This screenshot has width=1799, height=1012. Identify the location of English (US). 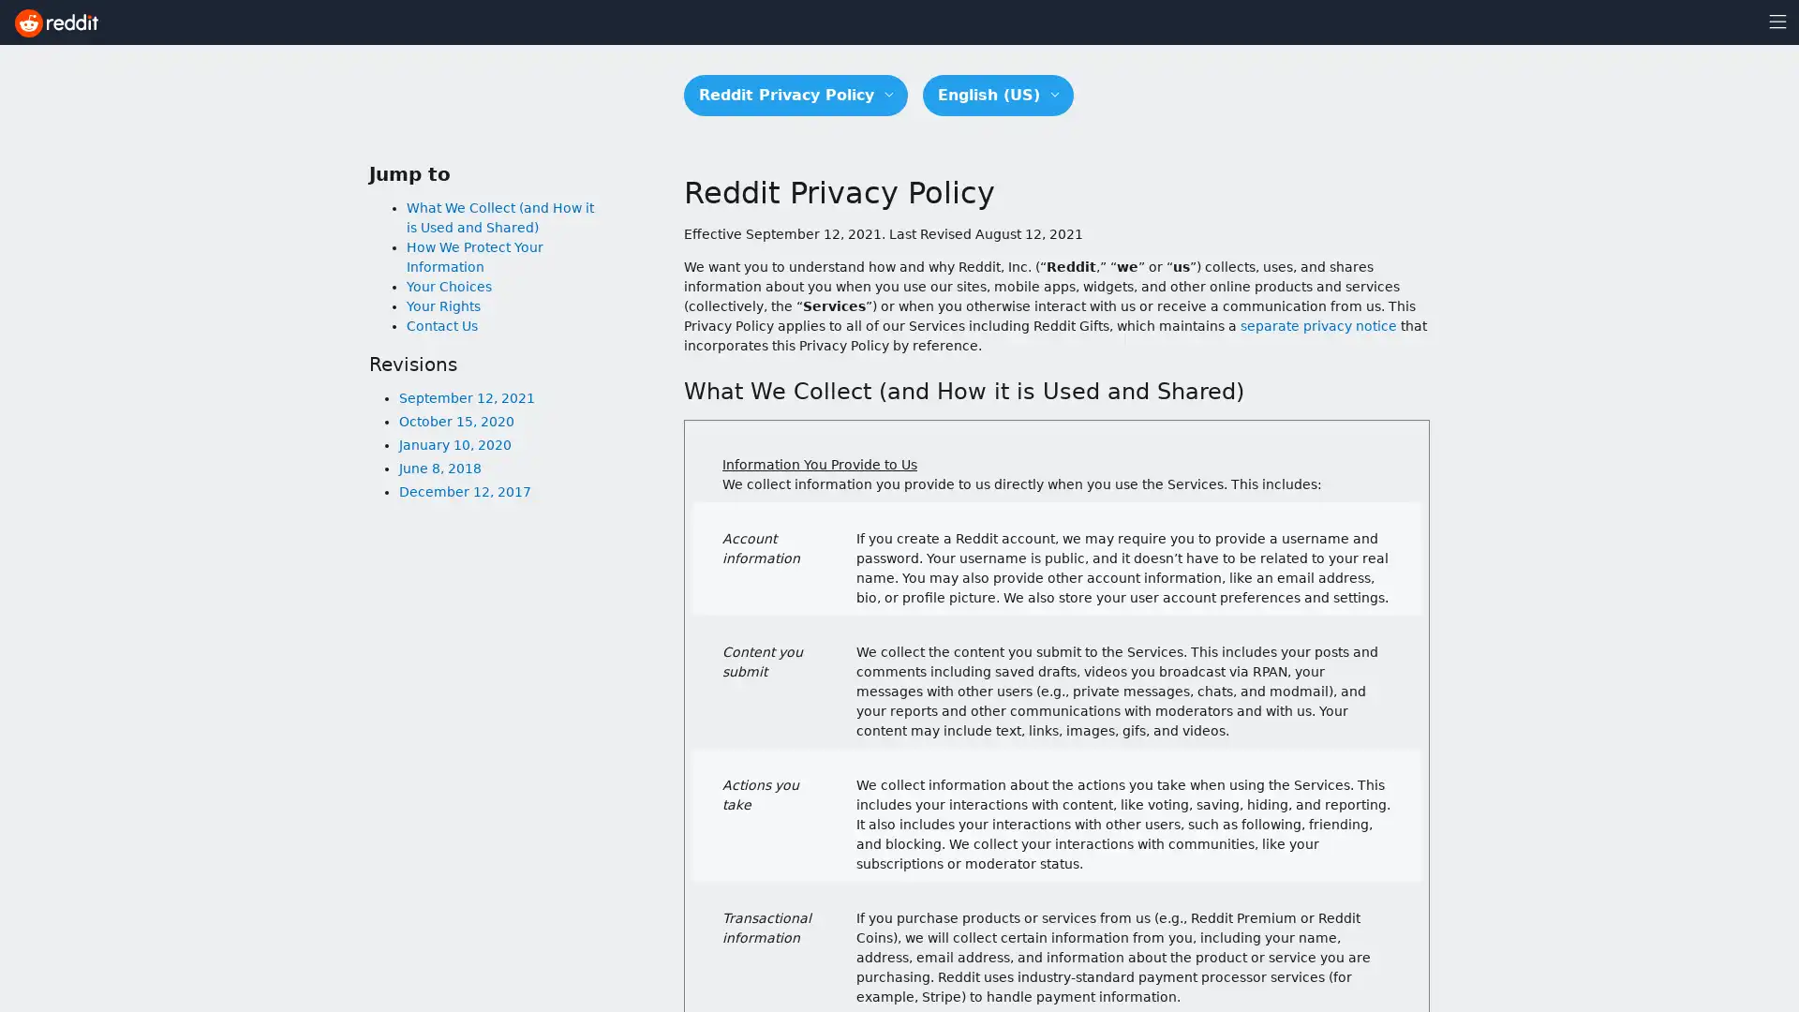
(997, 95).